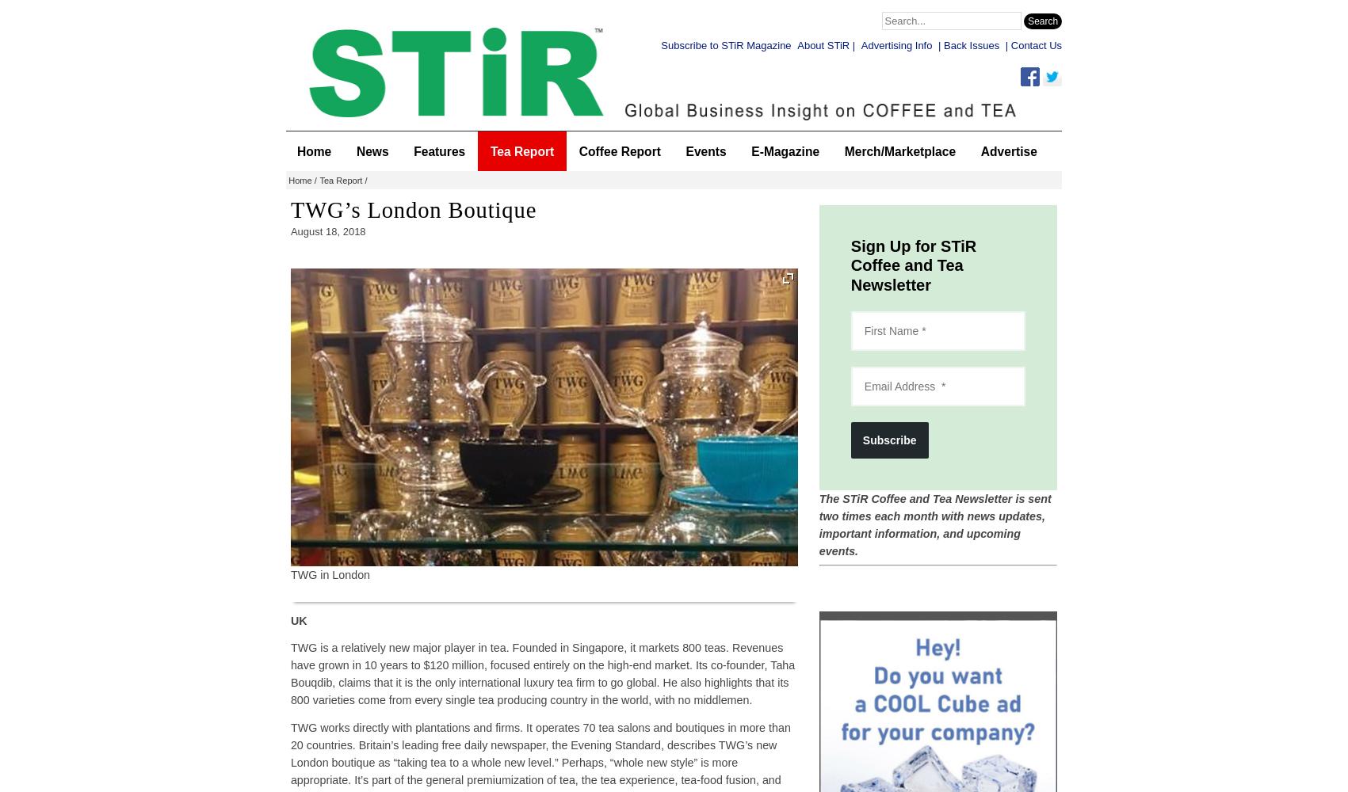  Describe the element at coordinates (619, 150) in the screenshot. I see `'Coffee Report'` at that location.